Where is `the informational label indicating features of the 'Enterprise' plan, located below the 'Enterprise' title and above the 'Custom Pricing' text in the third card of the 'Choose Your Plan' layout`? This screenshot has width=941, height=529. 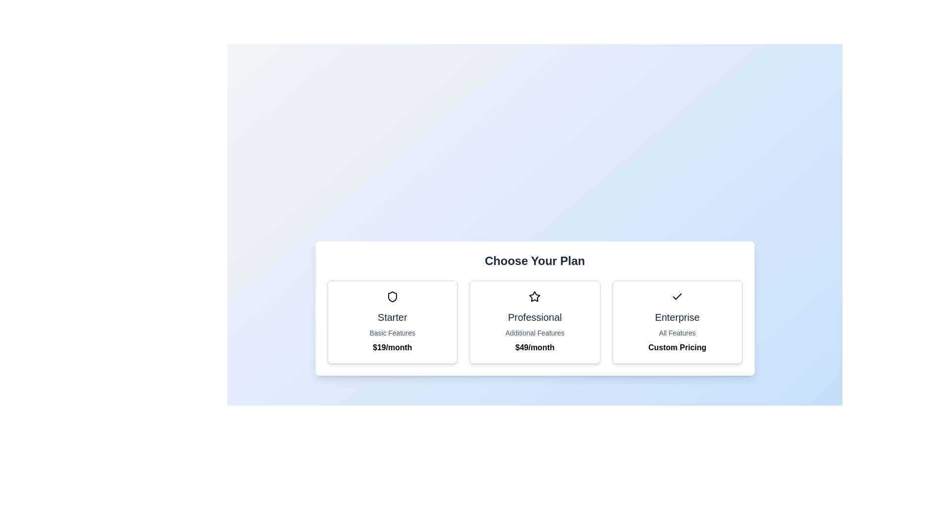
the informational label indicating features of the 'Enterprise' plan, located below the 'Enterprise' title and above the 'Custom Pricing' text in the third card of the 'Choose Your Plan' layout is located at coordinates (677, 332).